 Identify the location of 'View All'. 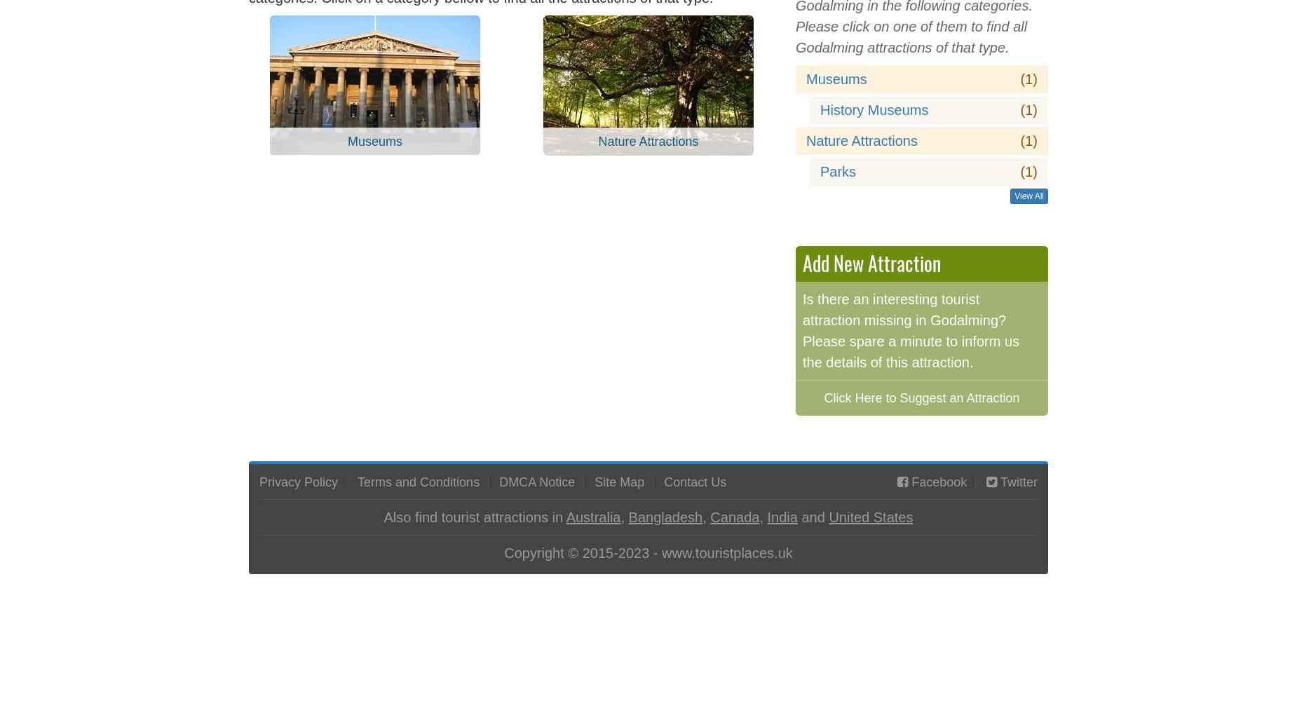
(1014, 196).